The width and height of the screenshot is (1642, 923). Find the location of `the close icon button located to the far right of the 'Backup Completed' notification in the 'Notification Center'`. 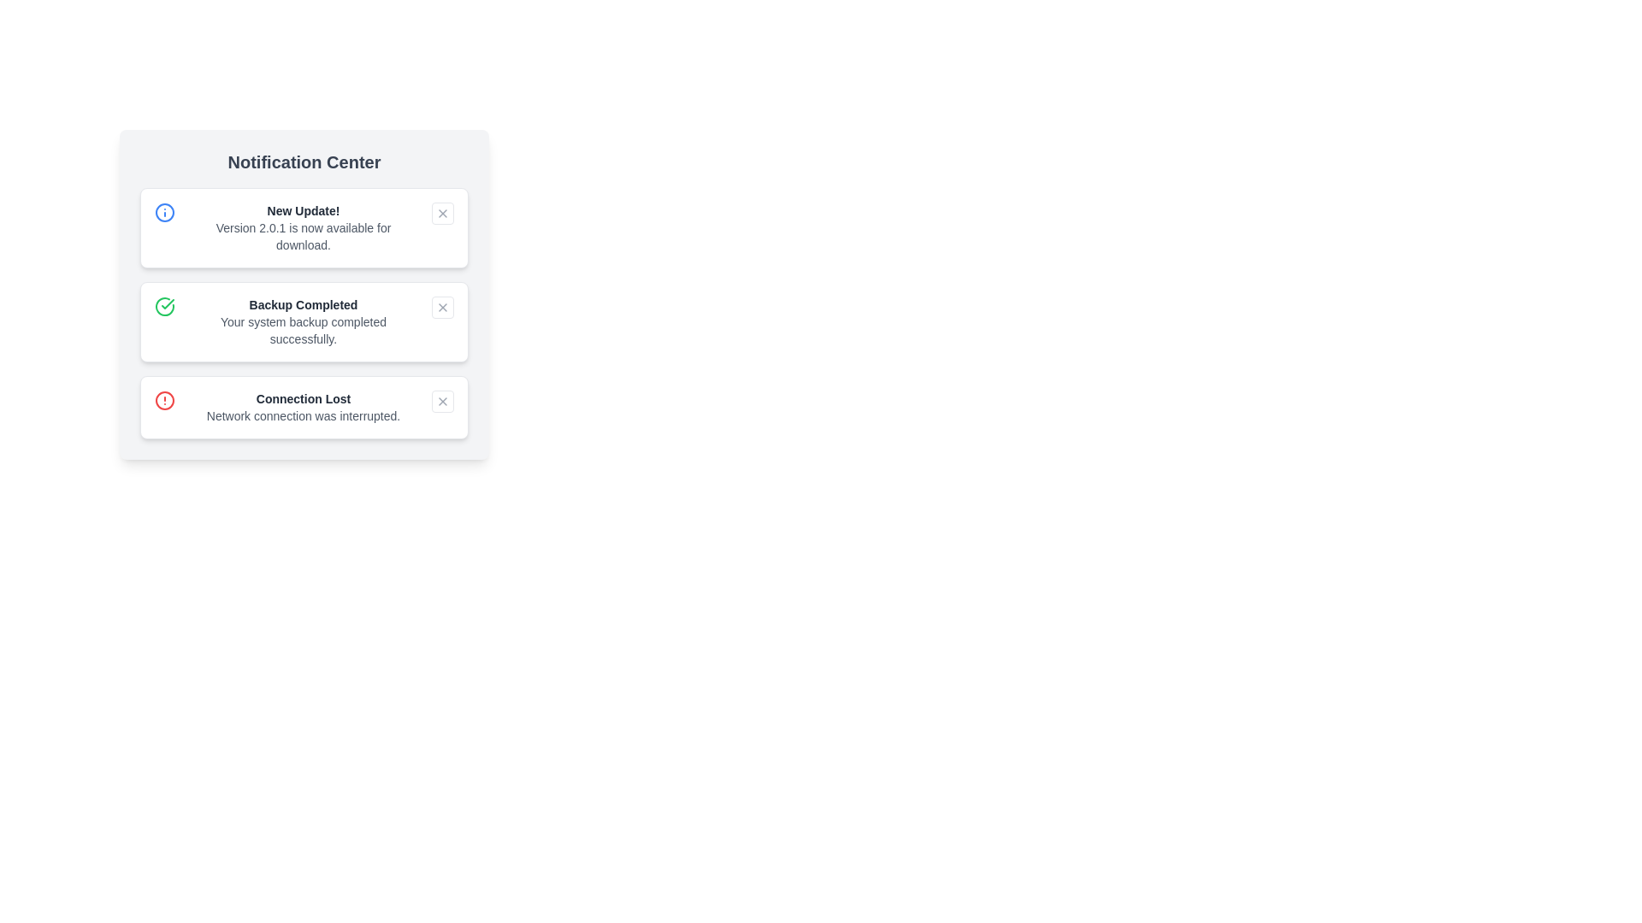

the close icon button located to the far right of the 'Backup Completed' notification in the 'Notification Center' is located at coordinates (443, 306).